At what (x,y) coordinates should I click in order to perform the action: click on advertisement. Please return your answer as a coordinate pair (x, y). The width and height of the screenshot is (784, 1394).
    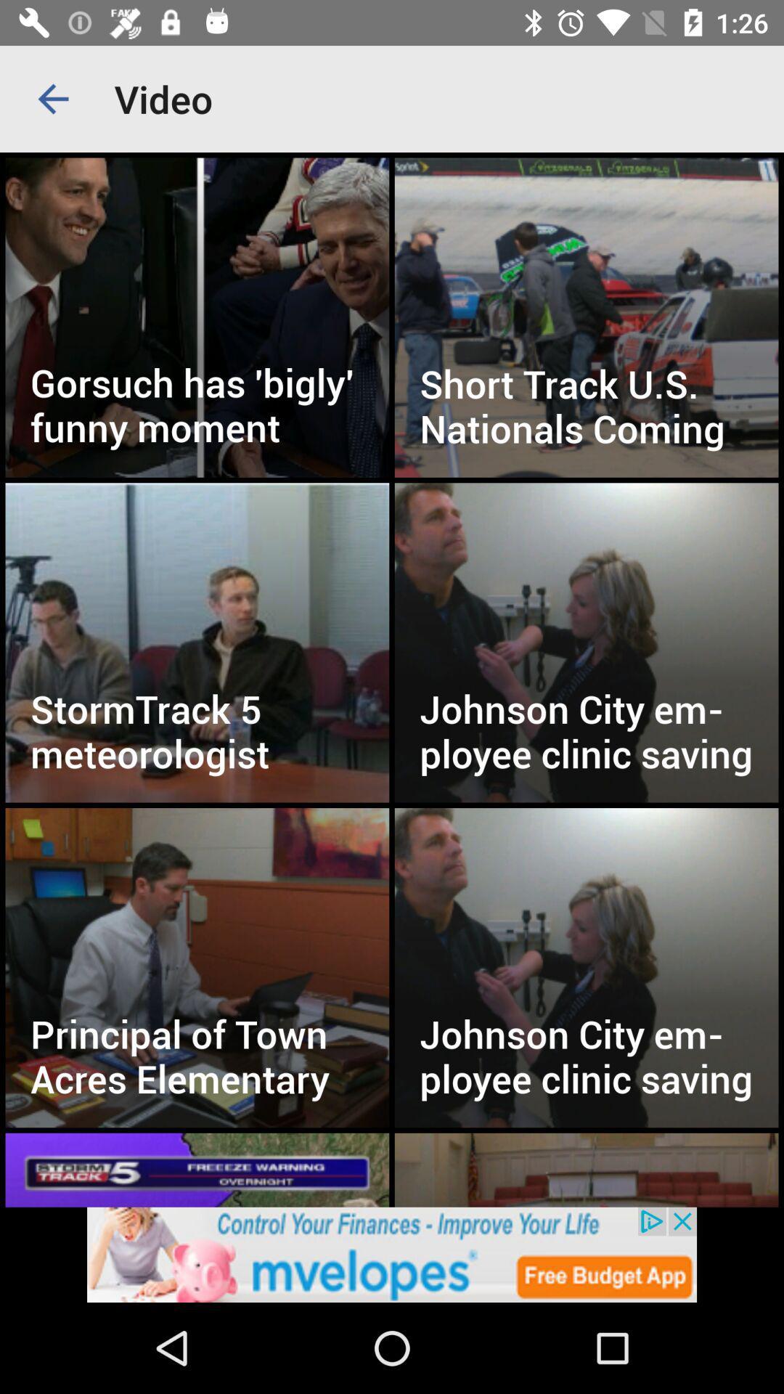
    Looking at the image, I should click on (392, 1254).